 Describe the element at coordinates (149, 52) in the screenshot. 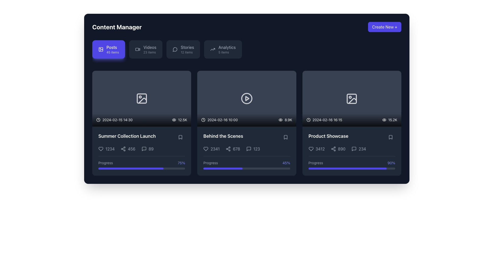

I see `the informational label indicating the quantity of items (23) associated with the 'Videos' category, located below the 'Videos' text` at that location.